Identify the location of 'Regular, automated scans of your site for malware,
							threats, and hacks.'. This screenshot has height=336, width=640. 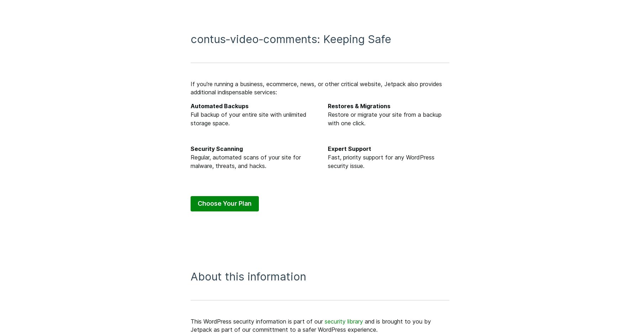
(190, 161).